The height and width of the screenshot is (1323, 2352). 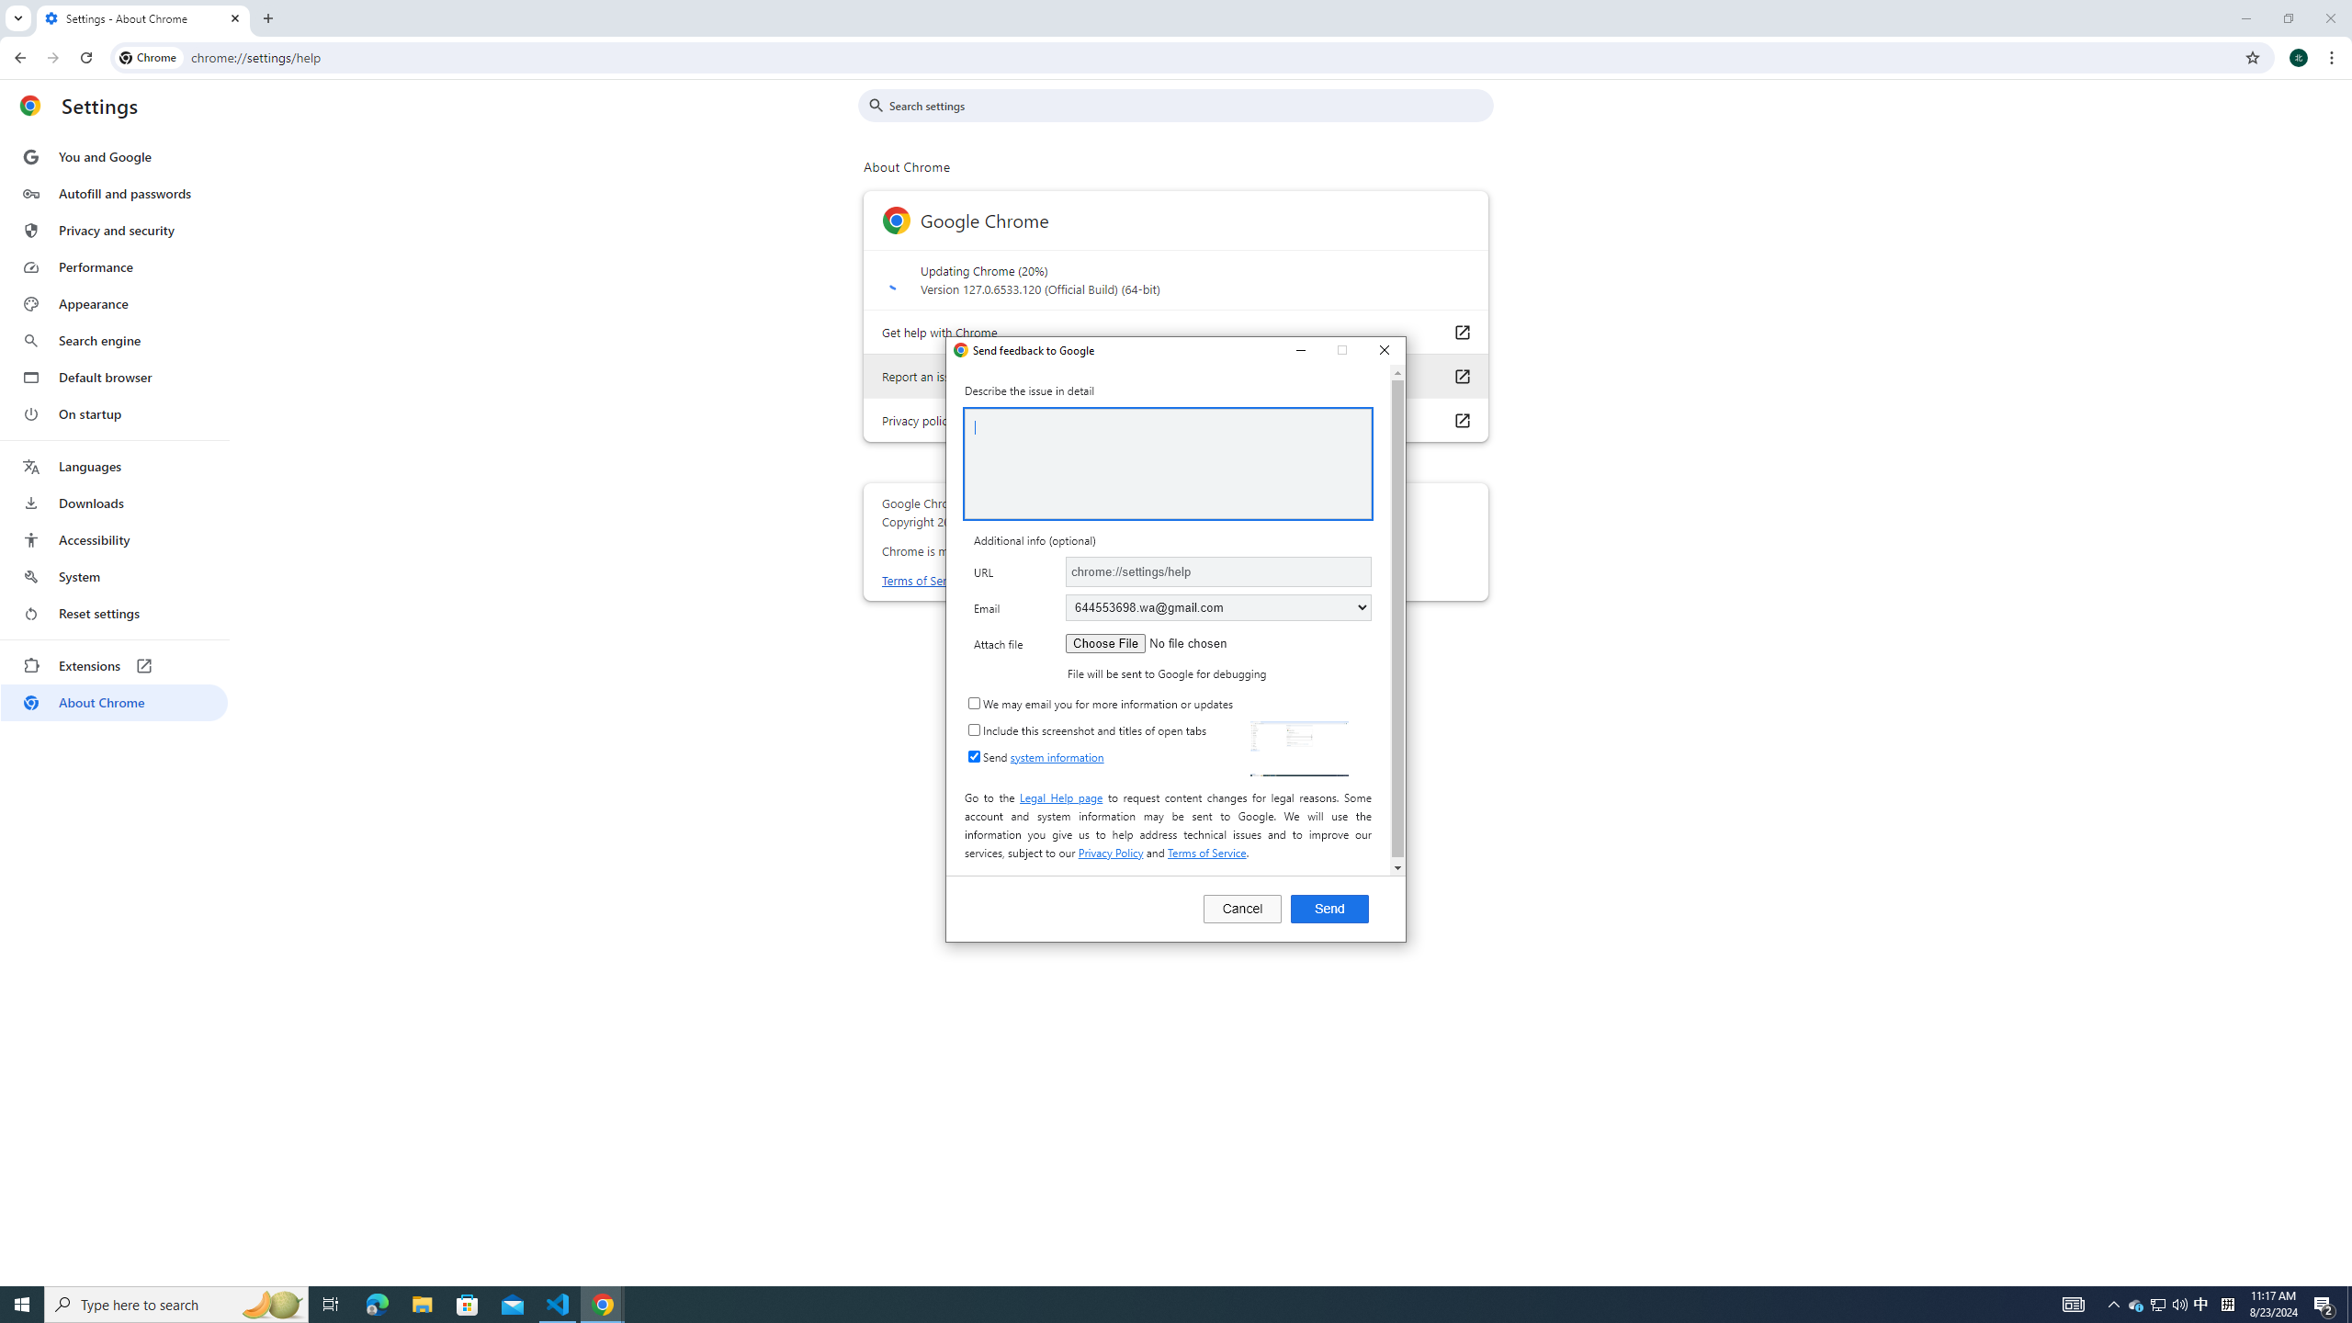 What do you see at coordinates (1217, 571) in the screenshot?
I see `'URL'` at bounding box center [1217, 571].